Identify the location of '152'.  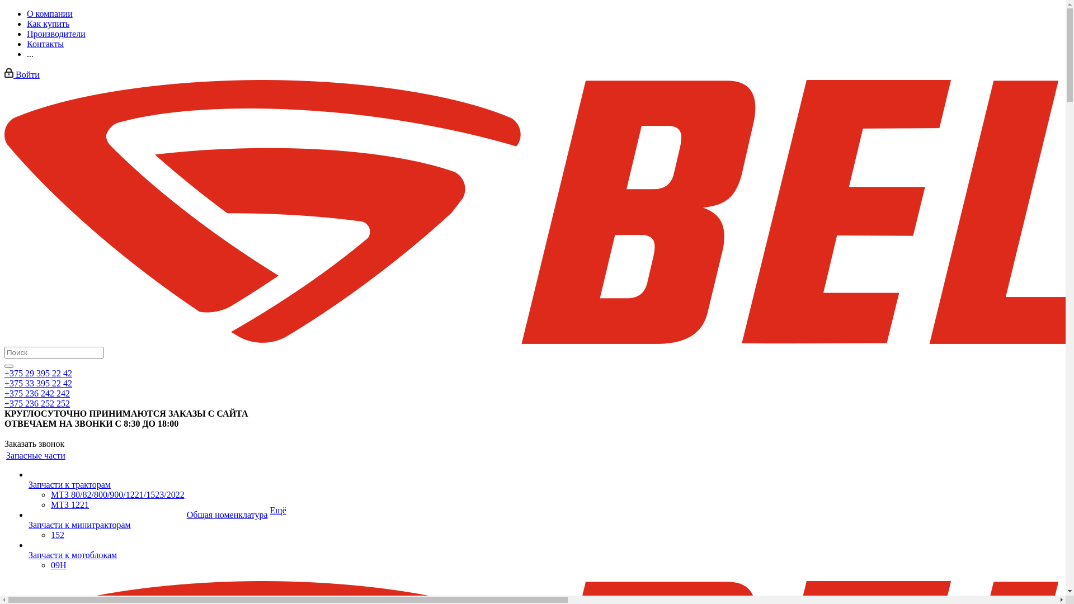
(50, 534).